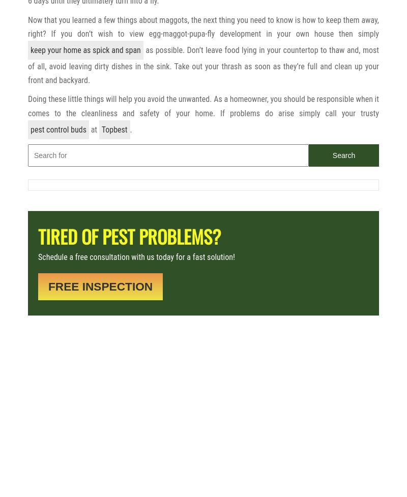  What do you see at coordinates (85, 49) in the screenshot?
I see `'keep your home as spick and span'` at bounding box center [85, 49].